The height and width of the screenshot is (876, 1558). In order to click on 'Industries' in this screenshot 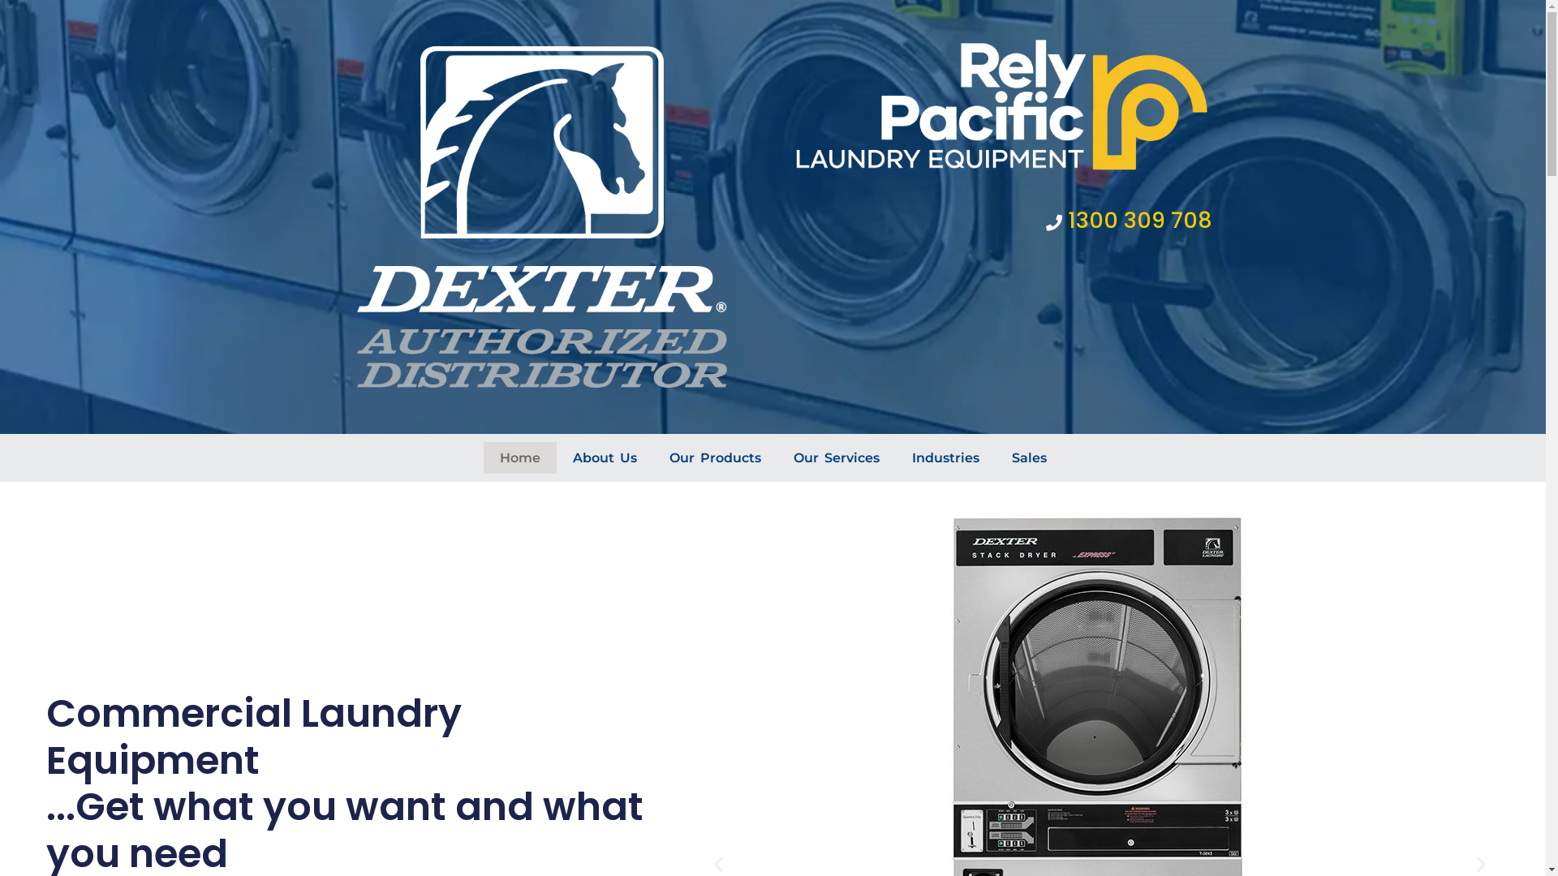, I will do `click(945, 457)`.